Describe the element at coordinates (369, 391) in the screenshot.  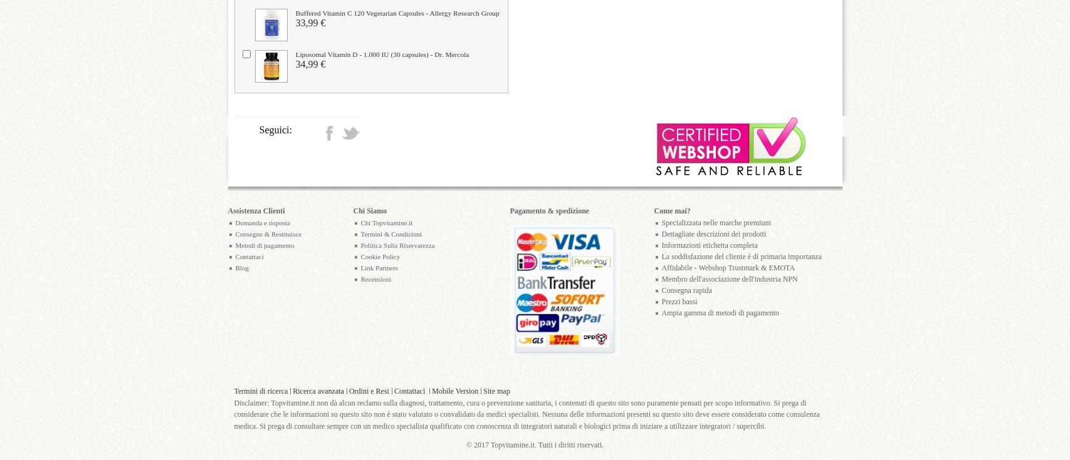
I see `'Ordini e Resi'` at that location.